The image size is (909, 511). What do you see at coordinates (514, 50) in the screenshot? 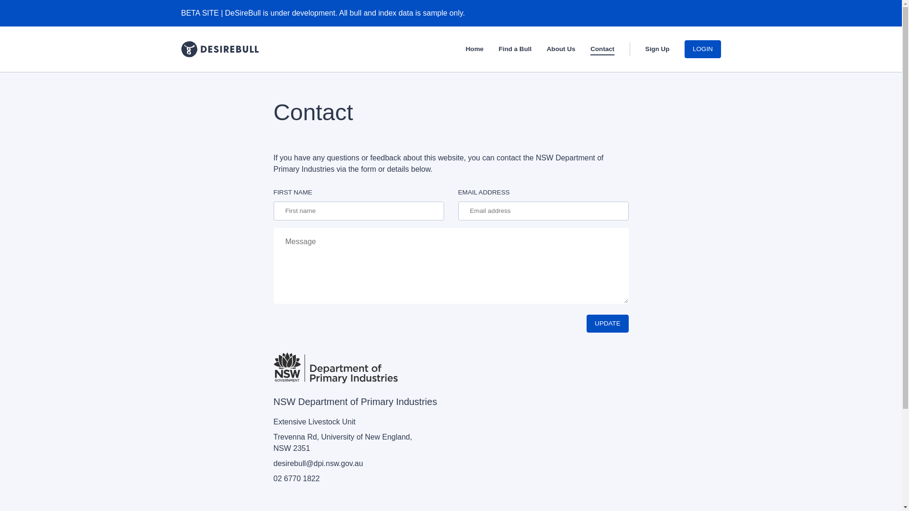
I see `'Find a Bull'` at bounding box center [514, 50].